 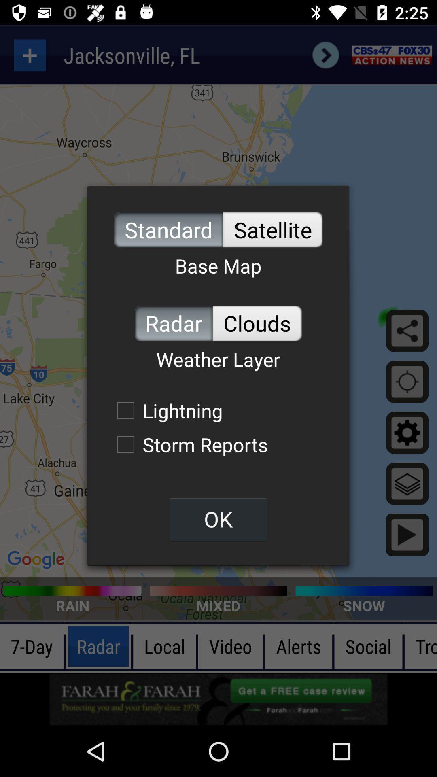 I want to click on the icon above weather layer item, so click(x=173, y=323).